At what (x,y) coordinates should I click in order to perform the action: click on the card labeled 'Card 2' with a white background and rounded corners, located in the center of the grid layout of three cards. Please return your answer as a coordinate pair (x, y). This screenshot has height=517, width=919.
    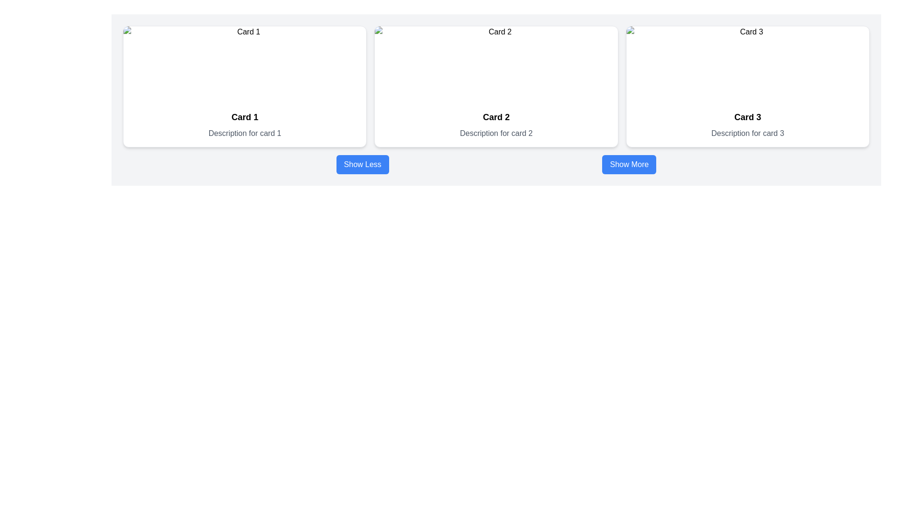
    Looking at the image, I should click on (496, 87).